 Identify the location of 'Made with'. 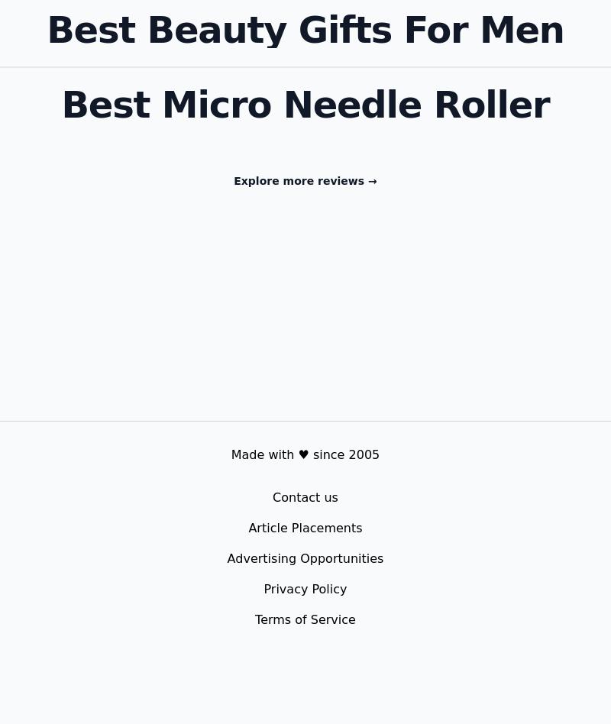
(264, 453).